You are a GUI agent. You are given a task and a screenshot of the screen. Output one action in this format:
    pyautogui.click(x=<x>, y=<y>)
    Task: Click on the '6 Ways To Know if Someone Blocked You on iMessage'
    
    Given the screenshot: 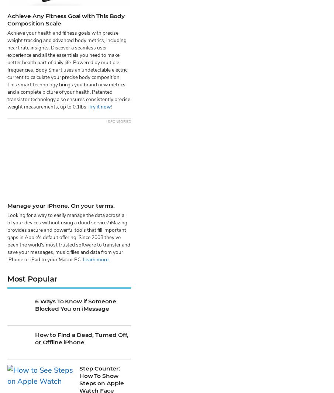 What is the action you would take?
    pyautogui.click(x=75, y=87)
    